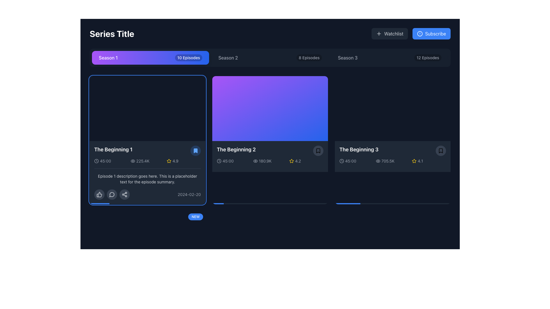  What do you see at coordinates (420, 34) in the screenshot?
I see `the decorative icon representing an alert for the subscription action, which is located to the left of the text in the 'Subscribe' button` at bounding box center [420, 34].